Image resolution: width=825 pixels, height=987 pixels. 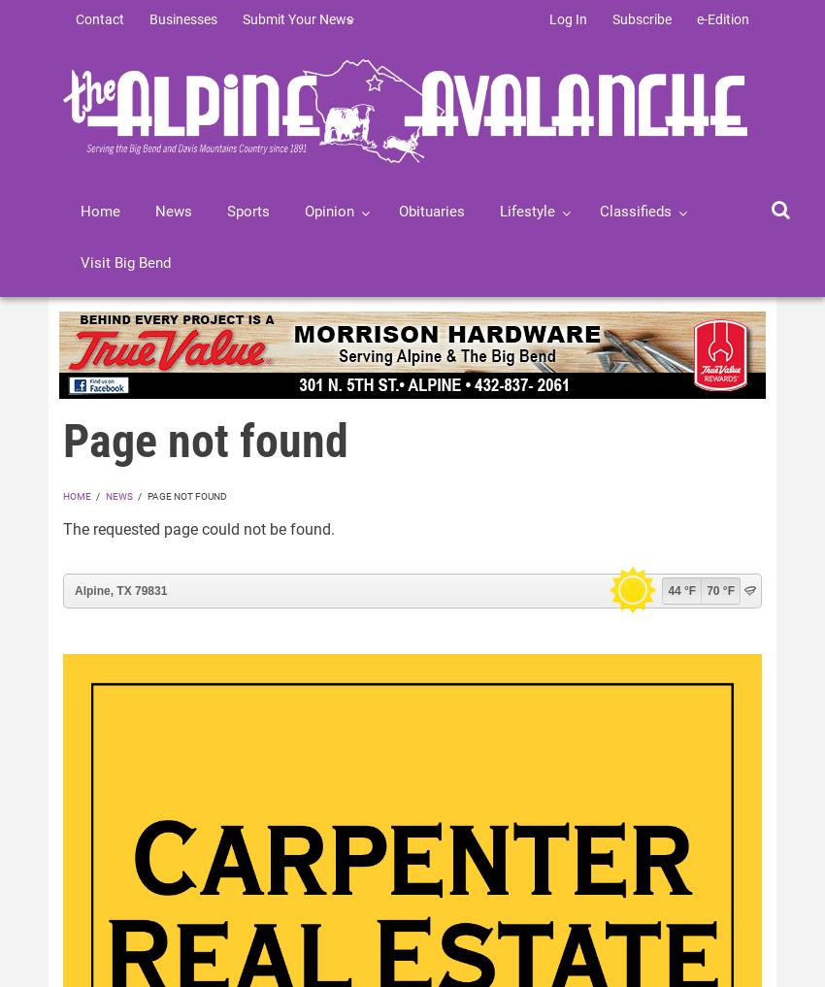 I want to click on 'Contact', so click(x=99, y=18).